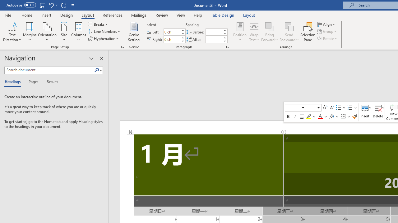  What do you see at coordinates (308, 32) in the screenshot?
I see `'Selection Pane...'` at bounding box center [308, 32].